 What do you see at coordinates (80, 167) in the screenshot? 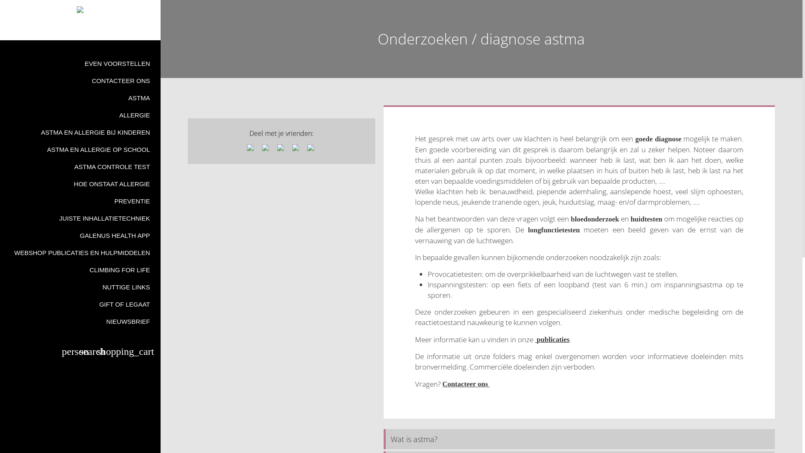
I see `'ASTMA CONTROLE TEST'` at bounding box center [80, 167].